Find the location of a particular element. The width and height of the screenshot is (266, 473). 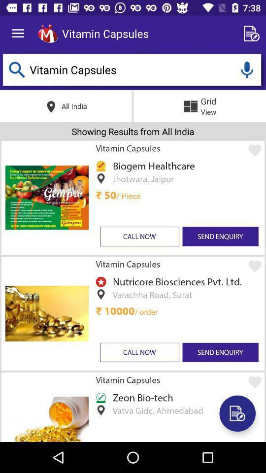

biogem healthcare is located at coordinates (152, 166).